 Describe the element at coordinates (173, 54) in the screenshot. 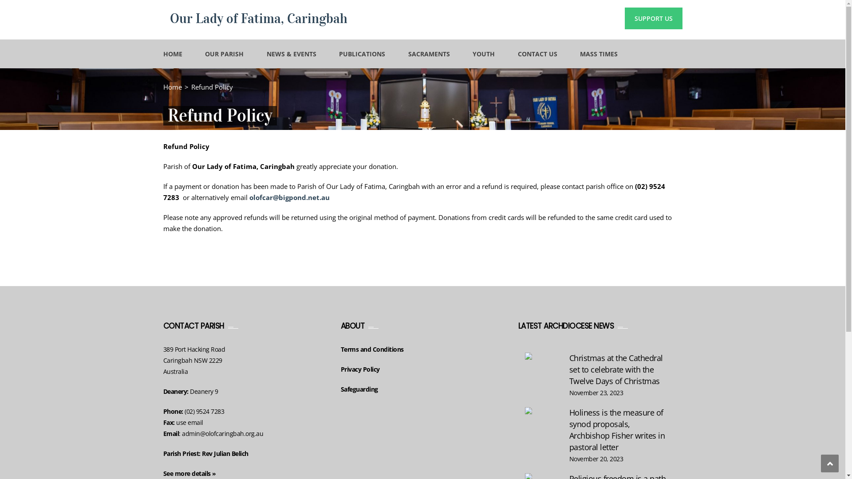

I see `'HOME'` at that location.